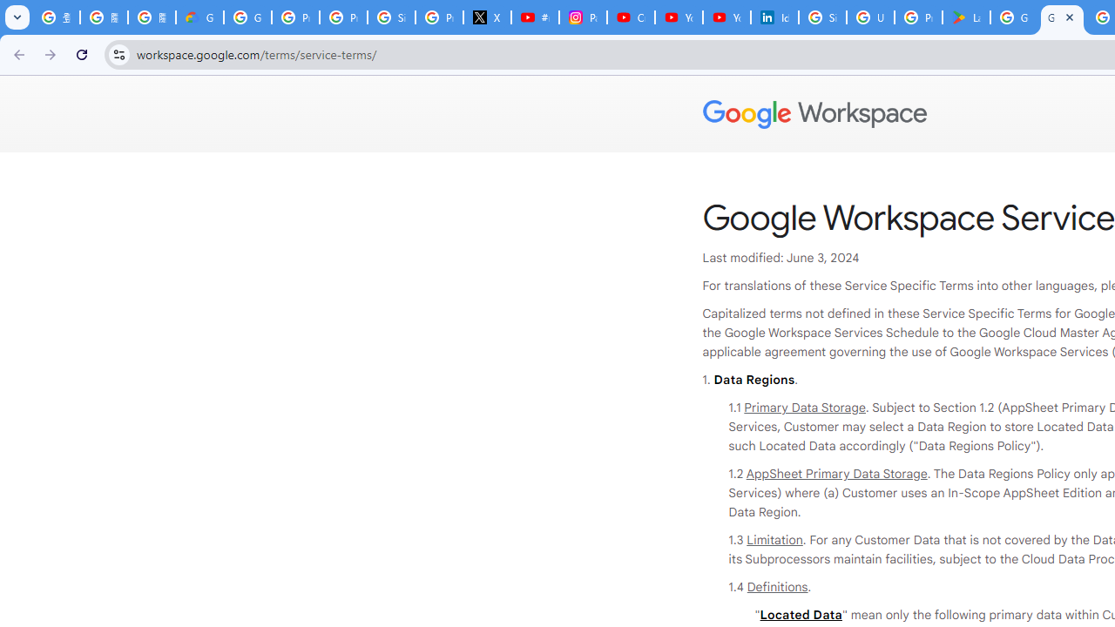 The image size is (1115, 627). I want to click on 'Identity verification via Persona | LinkedIn Help', so click(773, 17).